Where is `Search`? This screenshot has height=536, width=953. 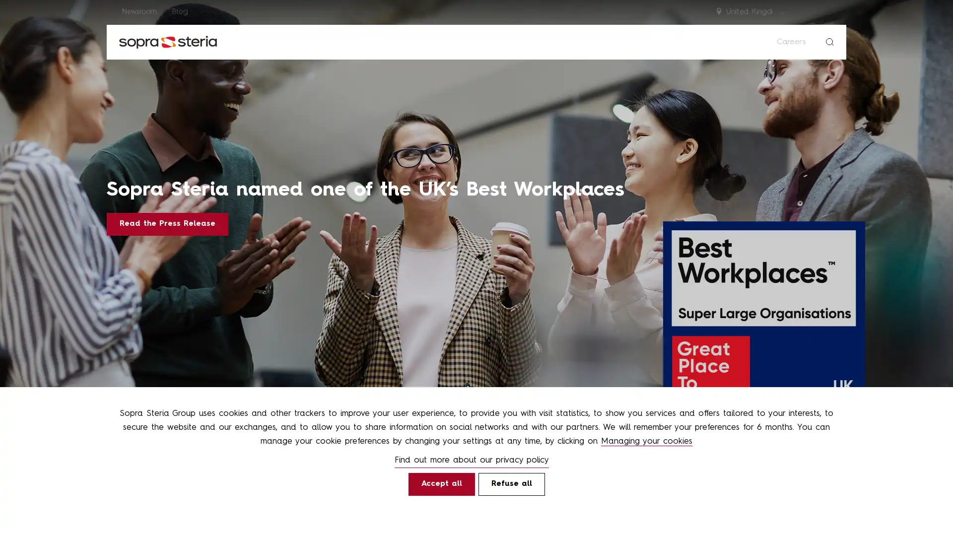 Search is located at coordinates (829, 41).